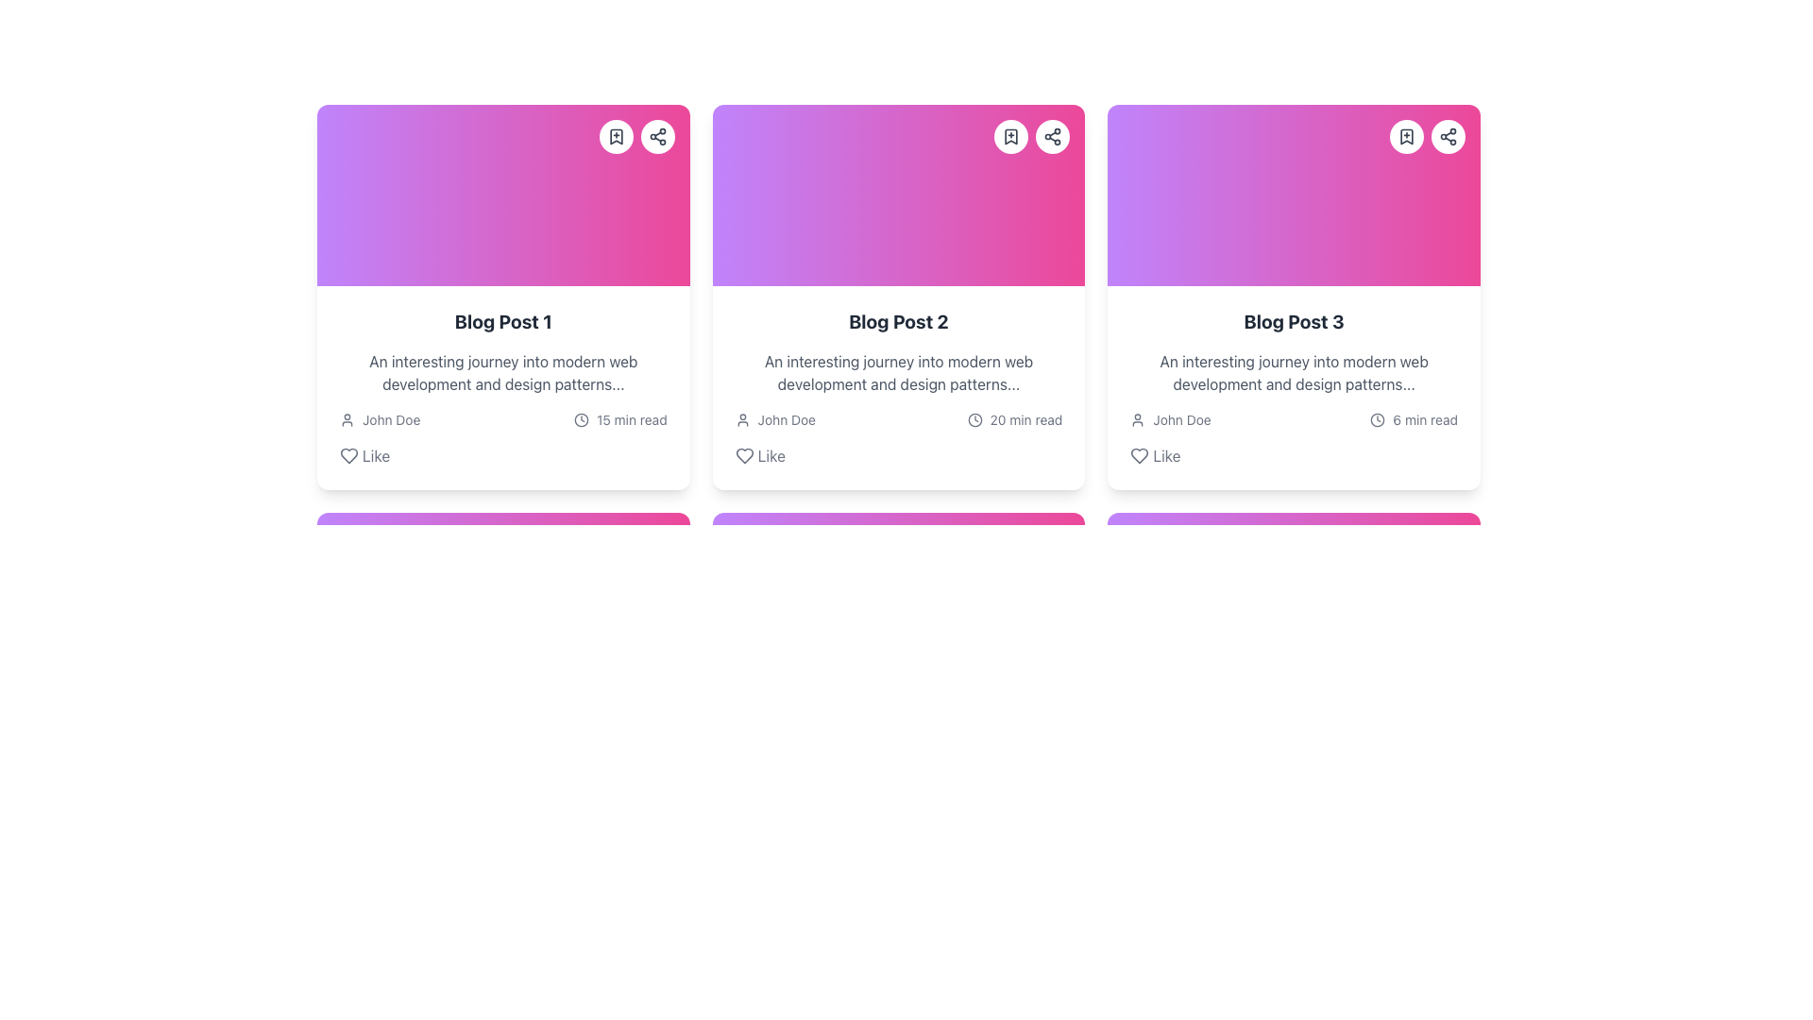  I want to click on the 'like' button located at the bottom left corner of the content card titled 'Blog Post 3' to express appreciation for the post, so click(1155, 455).